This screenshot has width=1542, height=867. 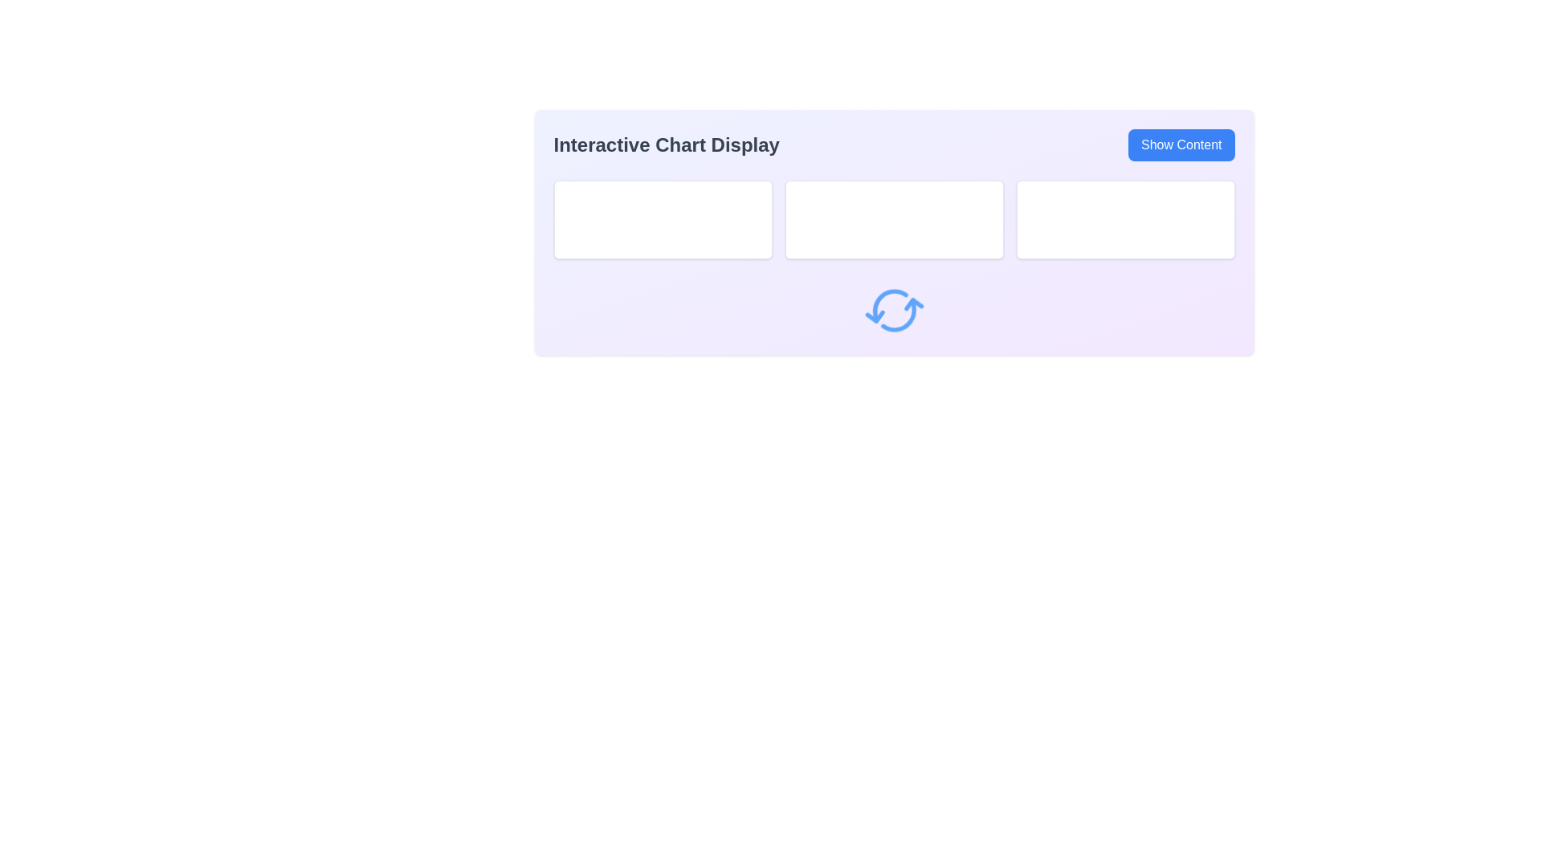 What do you see at coordinates (893, 219) in the screenshot?
I see `the rectangular white card with rounded corners located in the middle column of a 3-column grid structure, directly centered horizontally` at bounding box center [893, 219].